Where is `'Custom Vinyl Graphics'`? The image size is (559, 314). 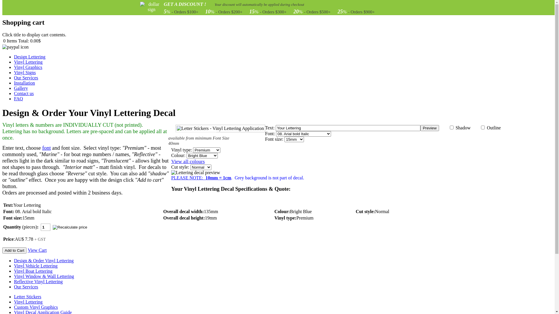
'Custom Vinyl Graphics' is located at coordinates (36, 307).